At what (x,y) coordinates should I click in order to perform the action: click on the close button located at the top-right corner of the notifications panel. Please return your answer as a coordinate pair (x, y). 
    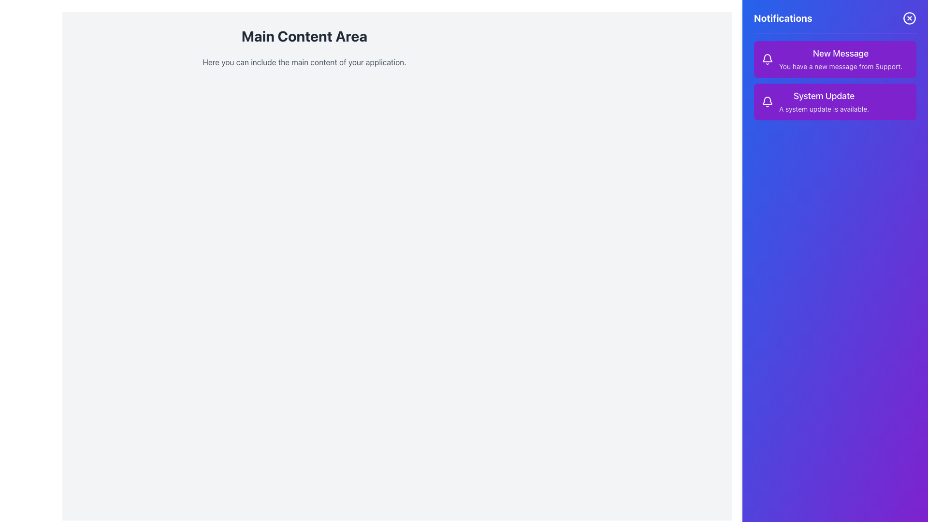
    Looking at the image, I should click on (909, 18).